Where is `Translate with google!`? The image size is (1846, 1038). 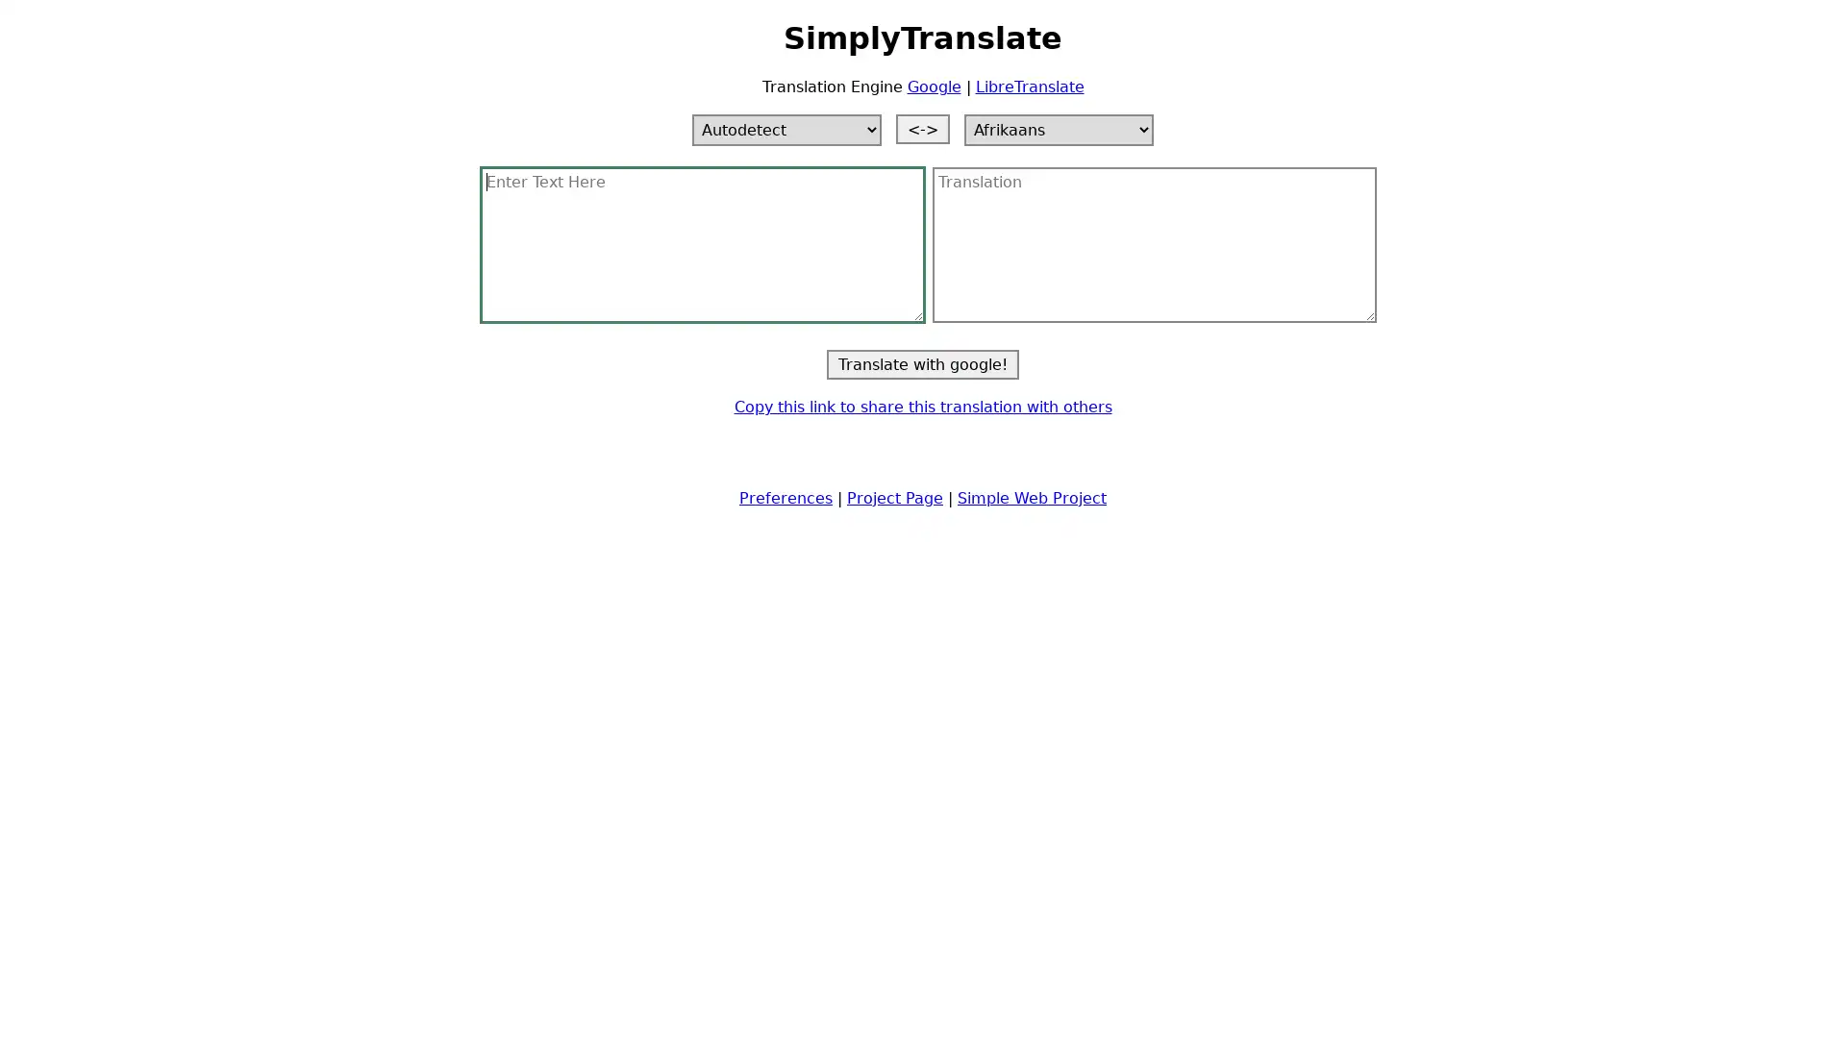 Translate with google! is located at coordinates (923, 363).